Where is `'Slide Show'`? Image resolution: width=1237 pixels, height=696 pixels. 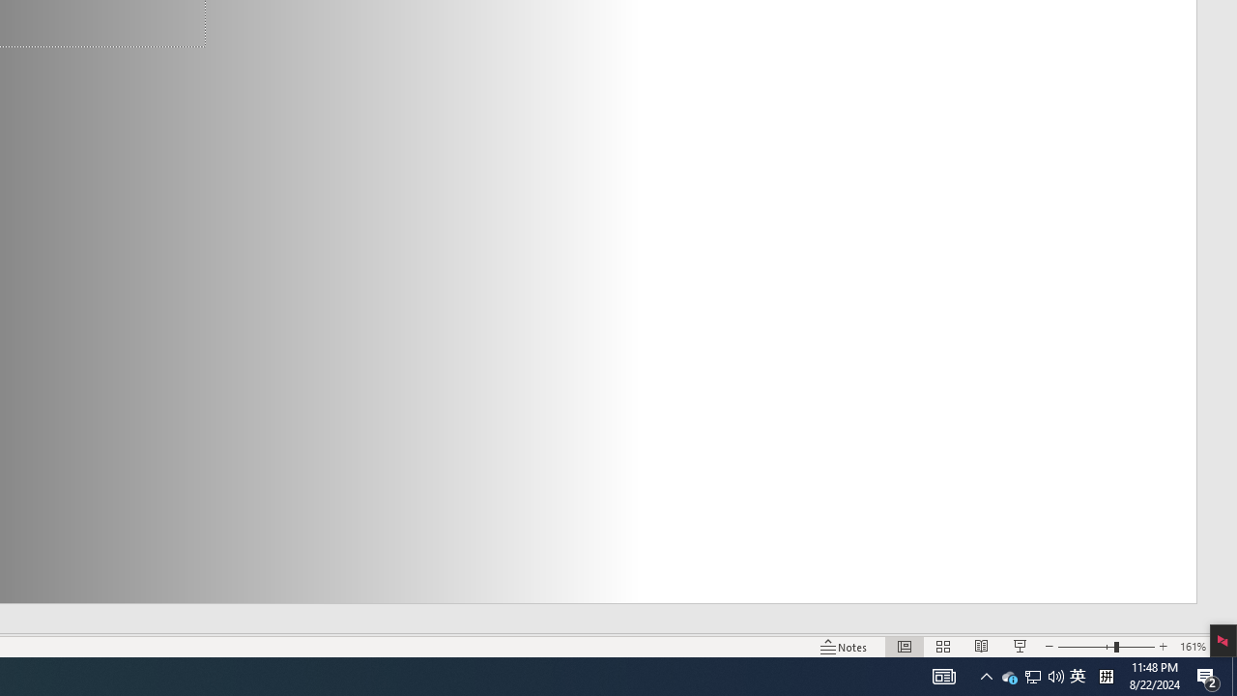 'Slide Show' is located at coordinates (1020, 647).